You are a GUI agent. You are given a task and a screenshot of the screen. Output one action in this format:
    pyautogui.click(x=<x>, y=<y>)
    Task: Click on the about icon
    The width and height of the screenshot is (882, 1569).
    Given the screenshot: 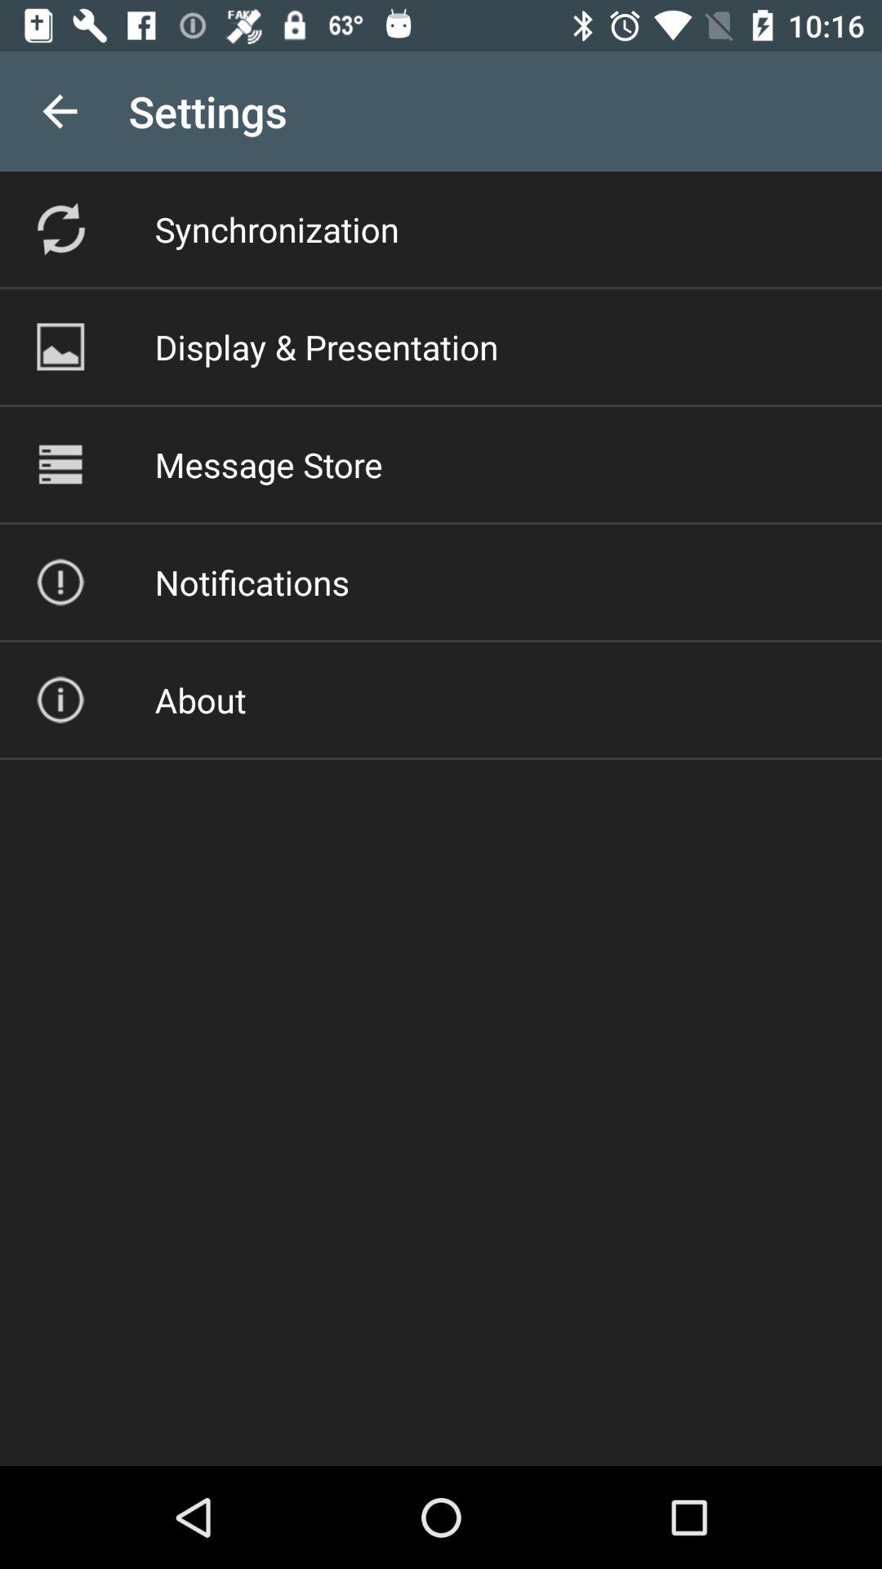 What is the action you would take?
    pyautogui.click(x=199, y=700)
    